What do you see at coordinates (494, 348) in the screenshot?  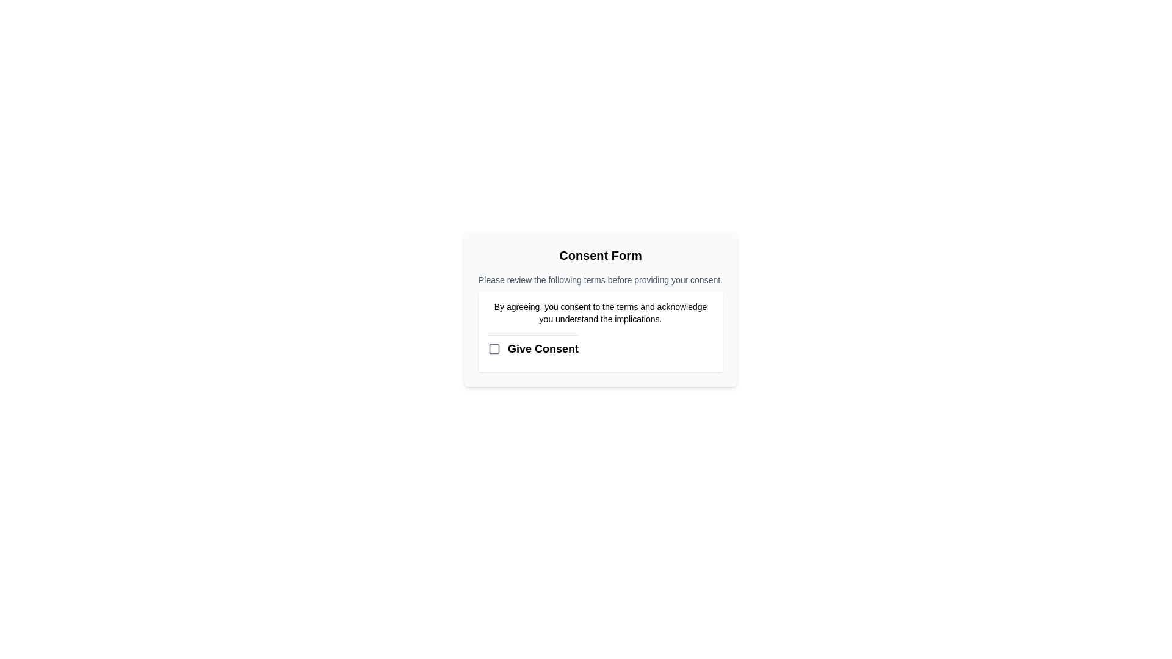 I see `the checkbox located to the left of the 'Give Consent' label within the consent form` at bounding box center [494, 348].